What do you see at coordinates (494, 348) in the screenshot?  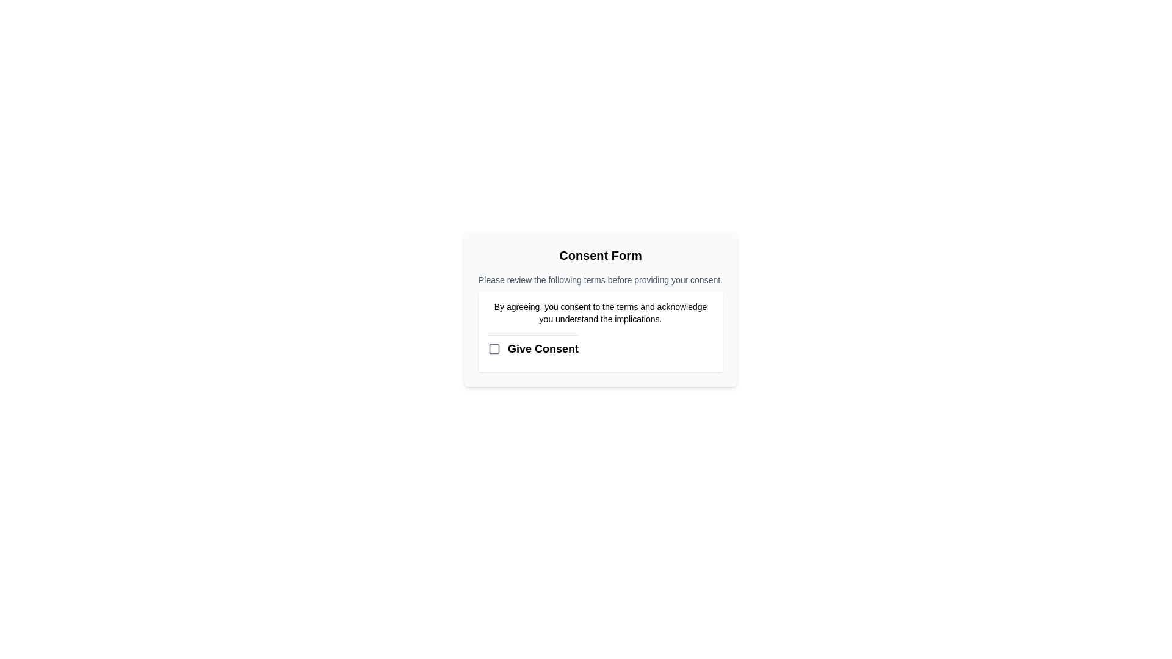 I see `the checkbox located to the left of the 'Give Consent' label within the consent form` at bounding box center [494, 348].